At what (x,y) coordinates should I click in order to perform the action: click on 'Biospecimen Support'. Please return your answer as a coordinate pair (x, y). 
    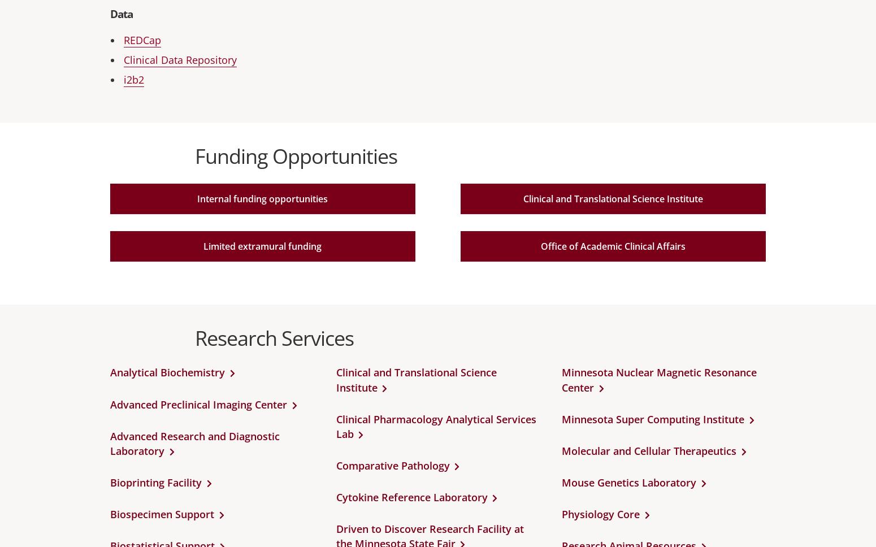
    Looking at the image, I should click on (109, 513).